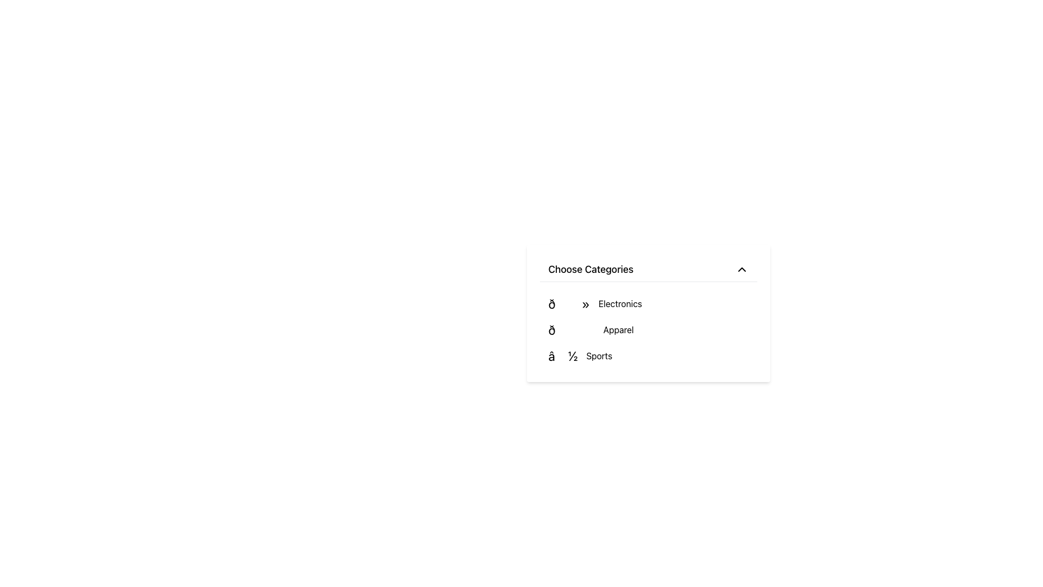  What do you see at coordinates (620, 304) in the screenshot?
I see `the 'Electronics' text label, which is the first item in the category list under 'Choose Categories'` at bounding box center [620, 304].